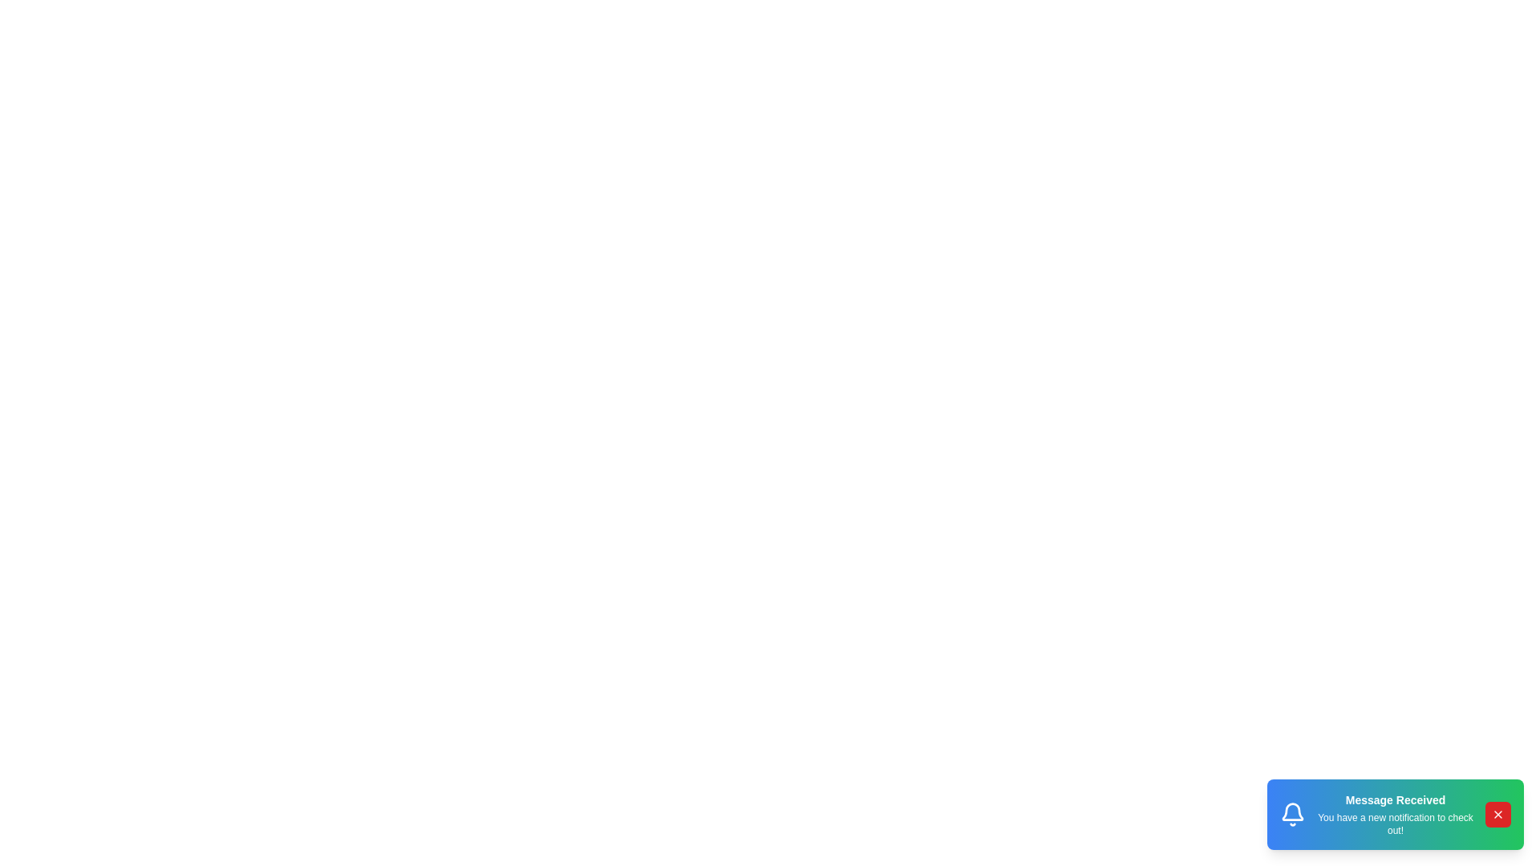  Describe the element at coordinates (1293, 814) in the screenshot. I see `the notification icon by moving the cursor to its center` at that location.